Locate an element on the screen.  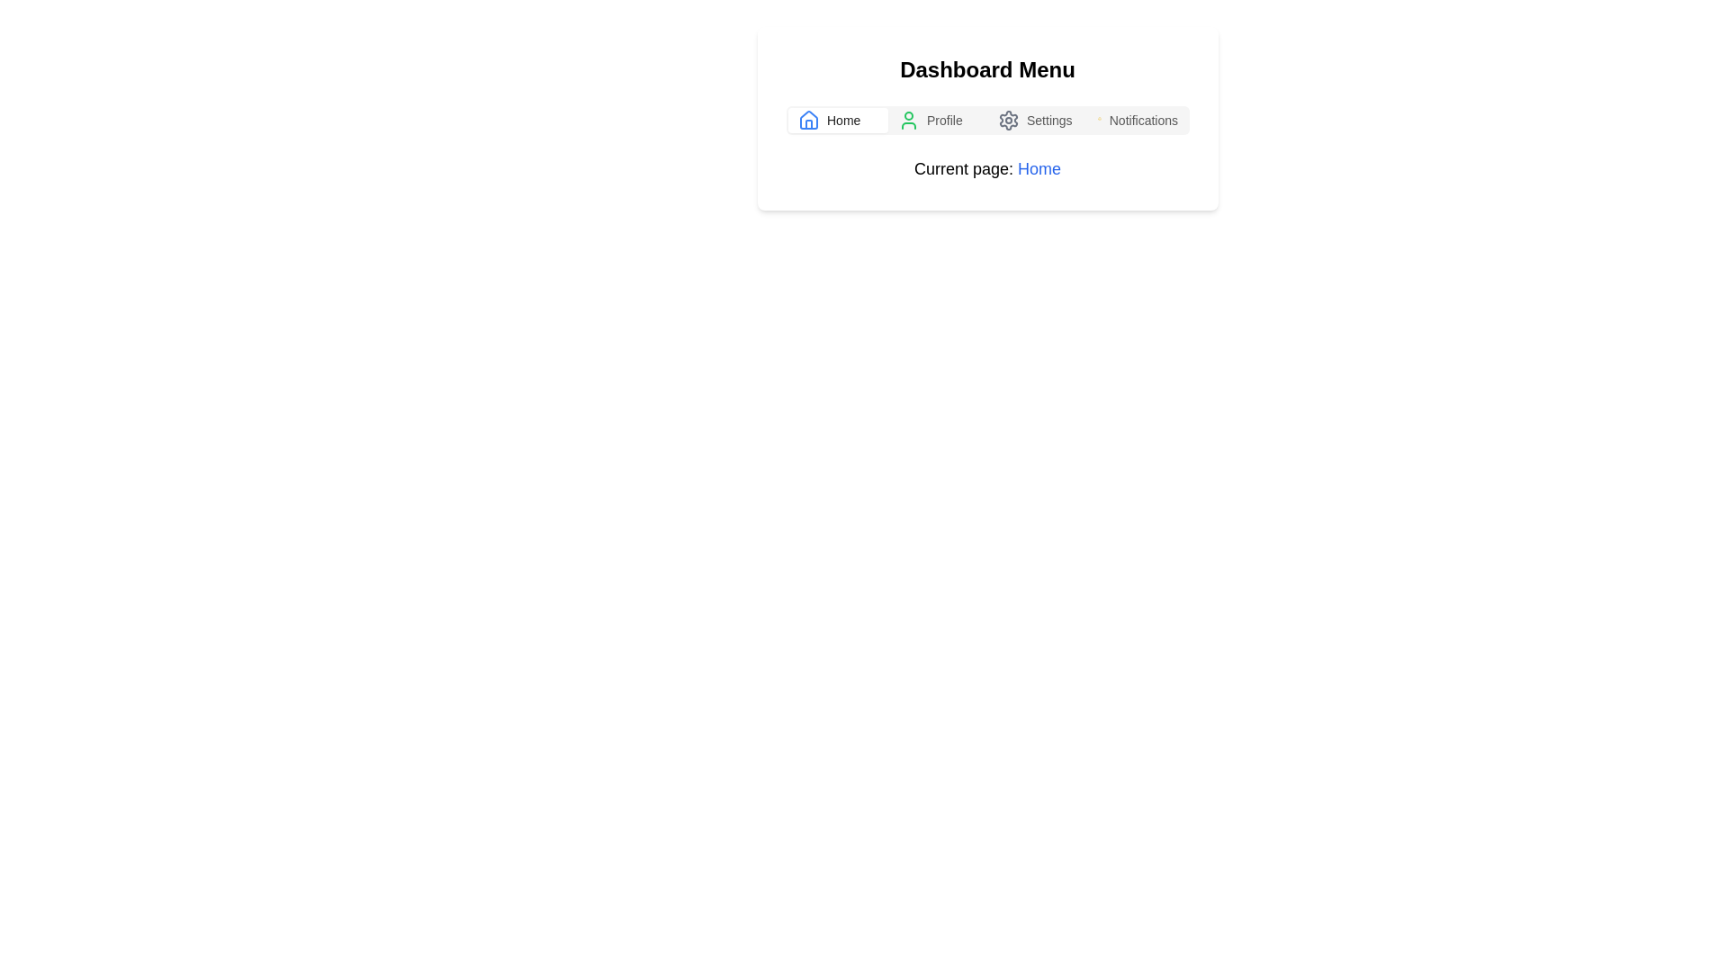
the outer gear icon of the settings icon located in the top navigation bar is located at coordinates (1008, 121).